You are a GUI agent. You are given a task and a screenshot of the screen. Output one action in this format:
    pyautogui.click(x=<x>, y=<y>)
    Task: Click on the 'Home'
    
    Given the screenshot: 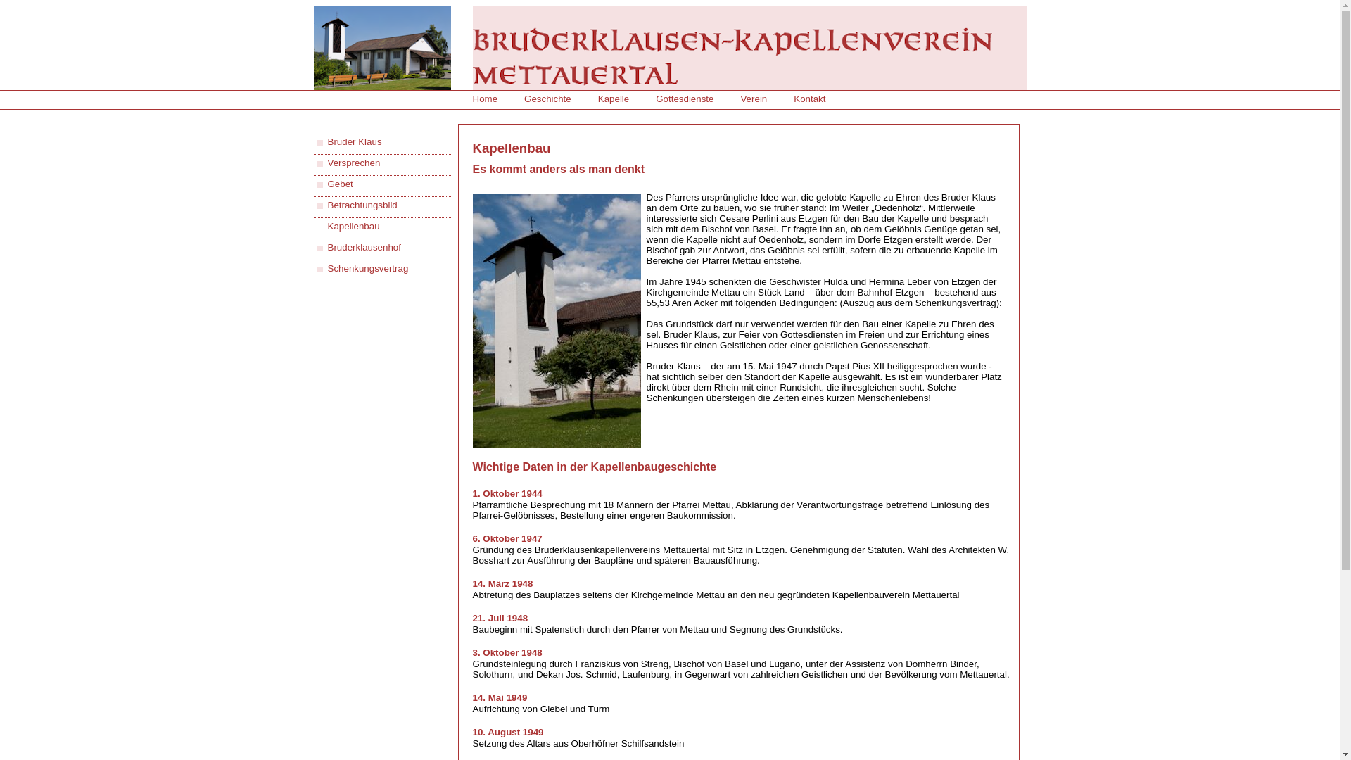 What is the action you would take?
    pyautogui.click(x=486, y=98)
    